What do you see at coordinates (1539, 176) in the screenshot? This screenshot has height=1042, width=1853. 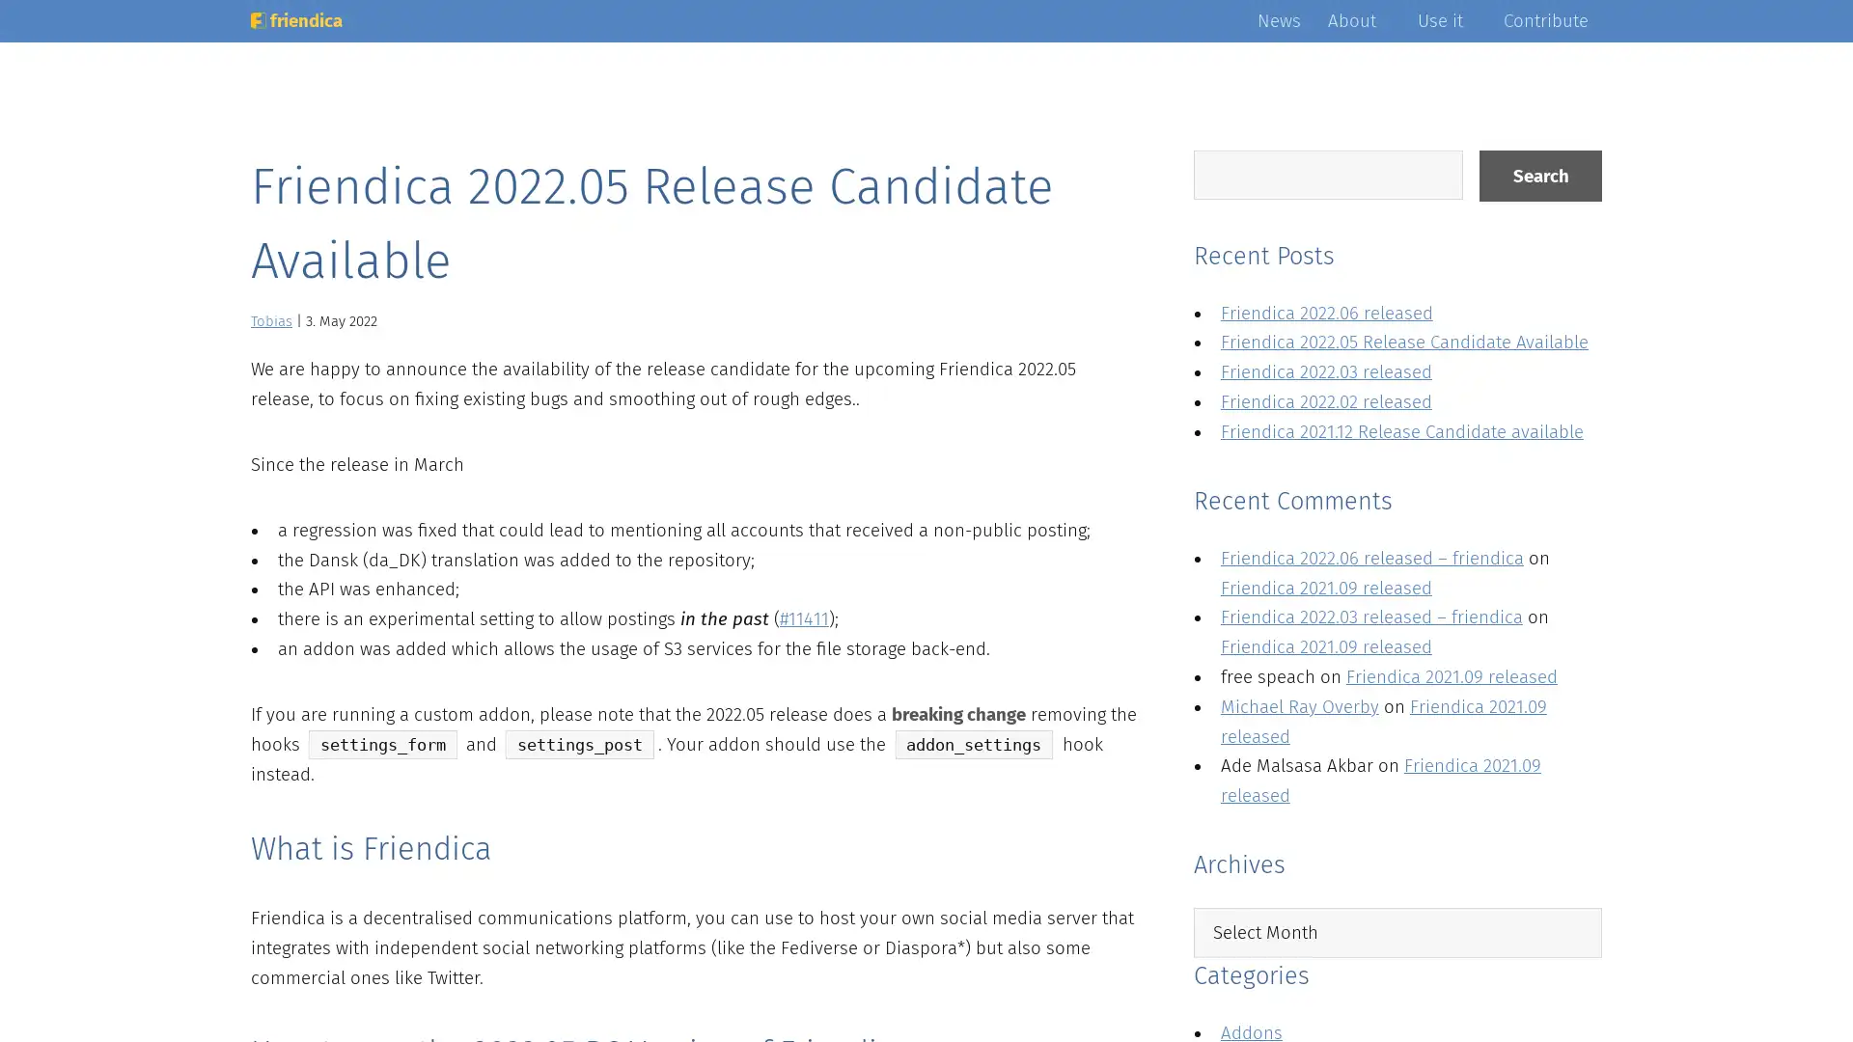 I see `Search` at bounding box center [1539, 176].